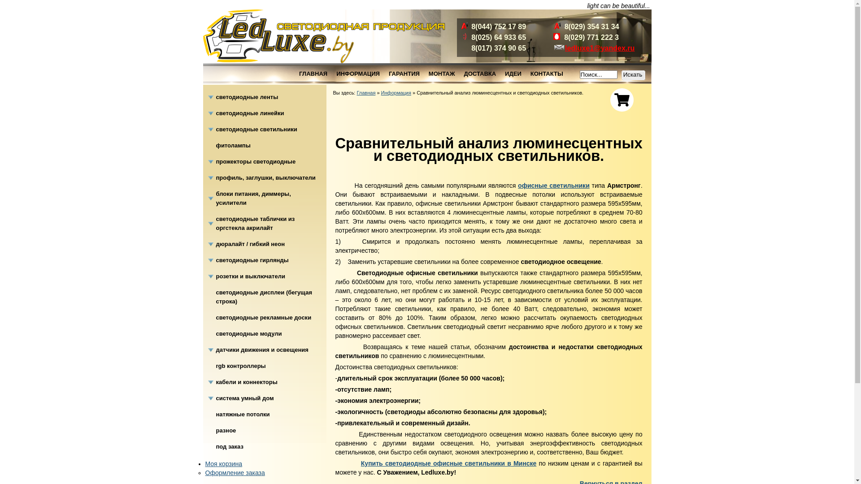 The image size is (861, 484). I want to click on 'ledluxe1@yandex.ru', so click(600, 48).